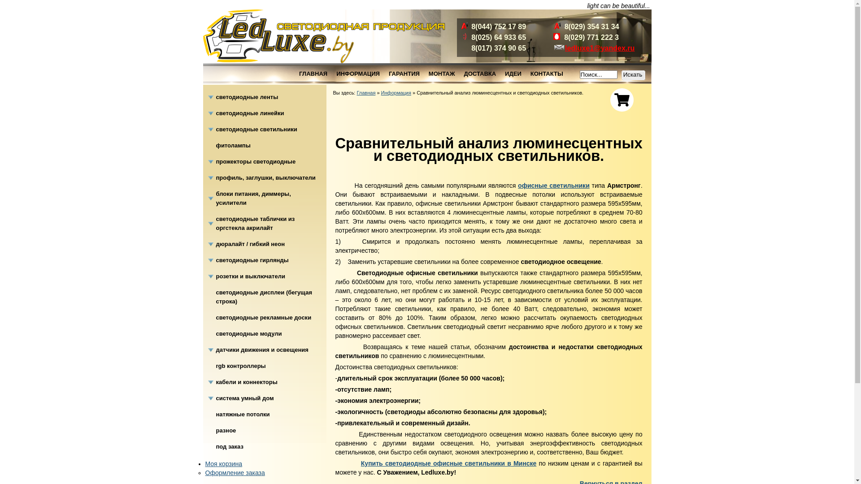 The image size is (861, 484). I want to click on 'ledluxe1@yandex.ru', so click(600, 48).